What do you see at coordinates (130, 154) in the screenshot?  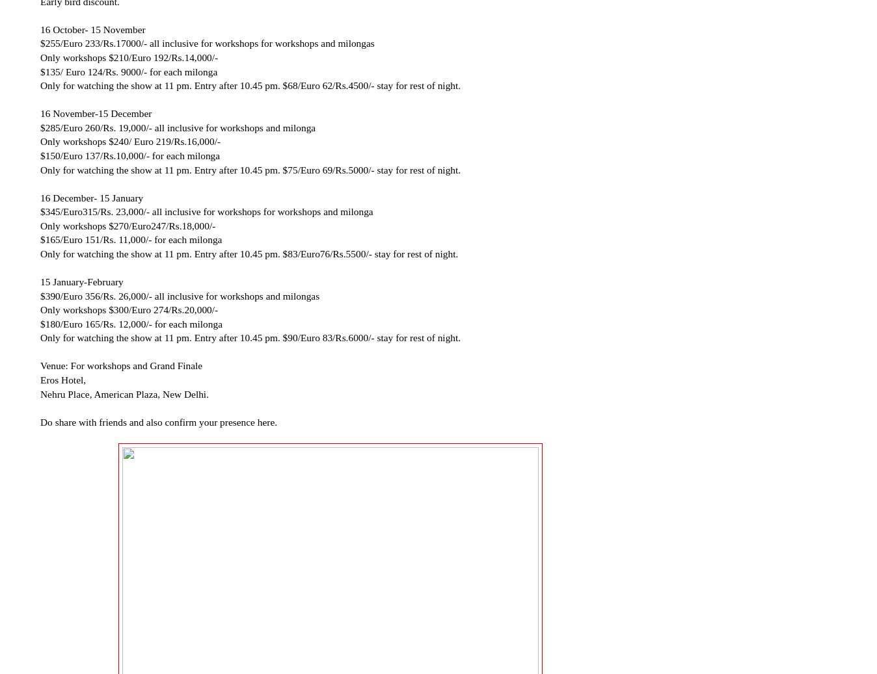 I see `'$150/Euro 137/Rs.10,000/- for each milonga'` at bounding box center [130, 154].